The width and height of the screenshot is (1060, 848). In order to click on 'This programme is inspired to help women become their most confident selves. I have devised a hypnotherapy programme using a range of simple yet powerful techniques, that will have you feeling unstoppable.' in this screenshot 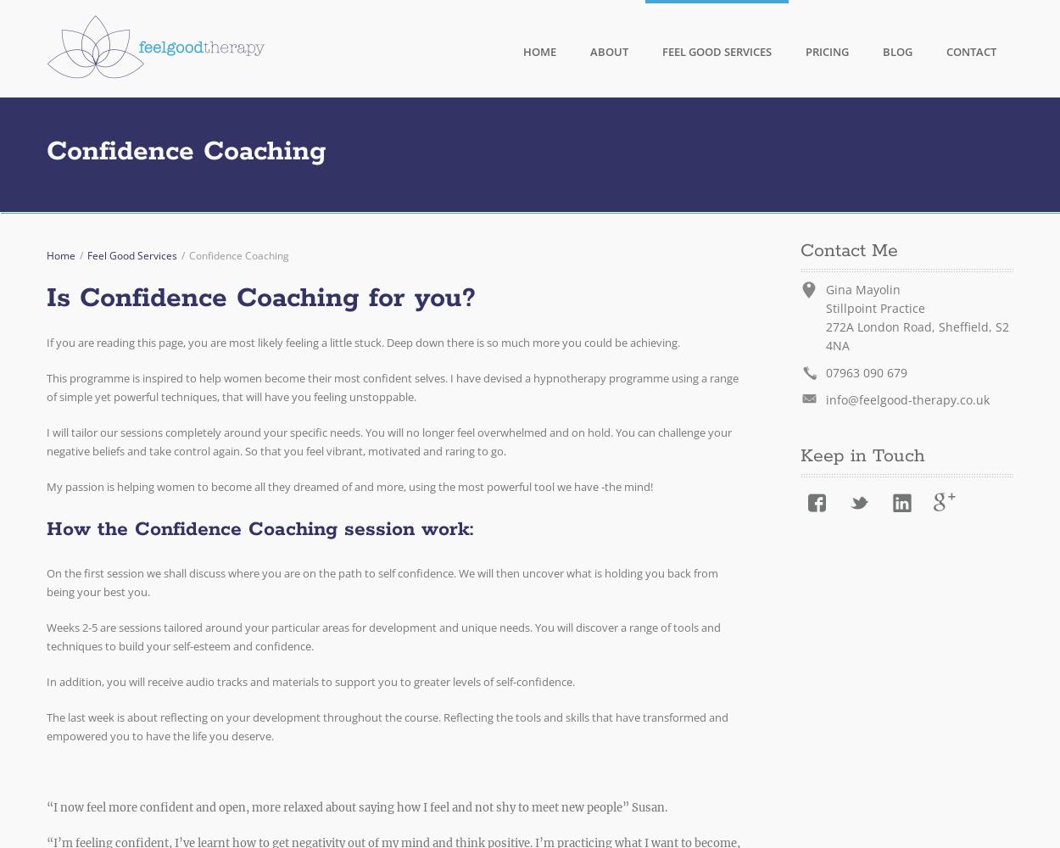, I will do `click(47, 387)`.